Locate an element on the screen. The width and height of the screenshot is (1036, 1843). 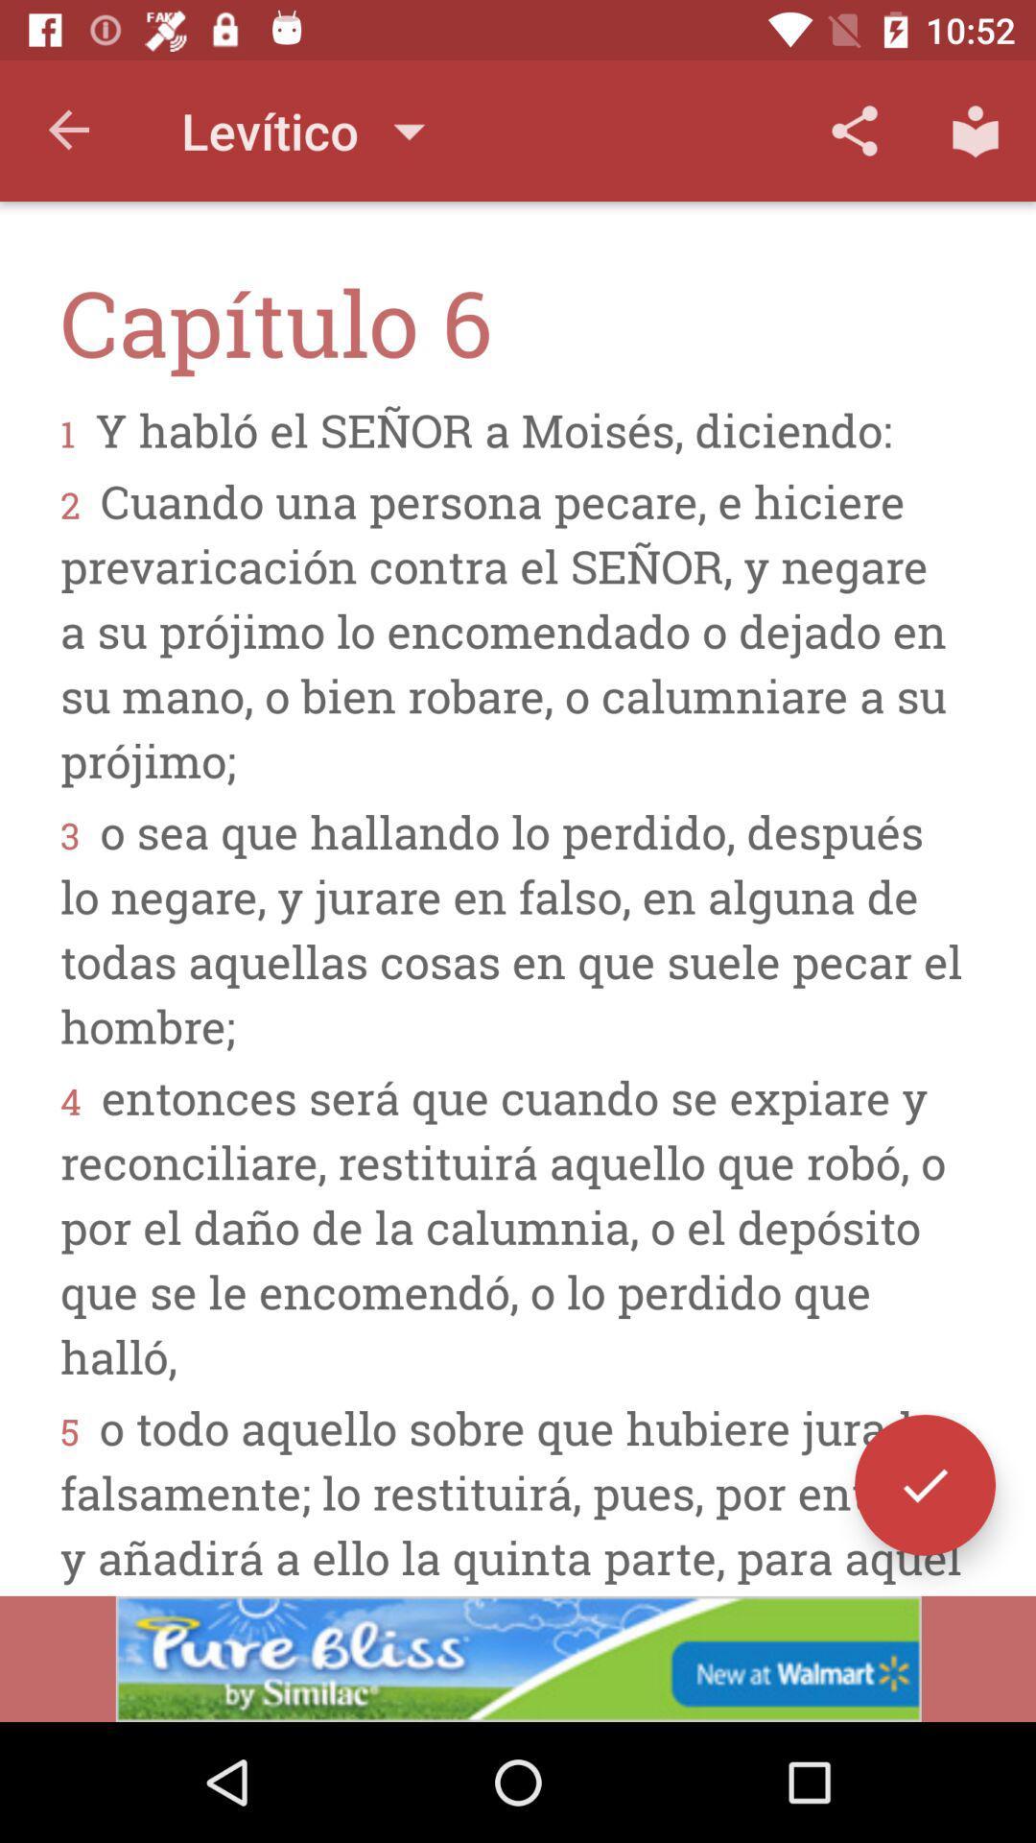
the check icon is located at coordinates (924, 1484).